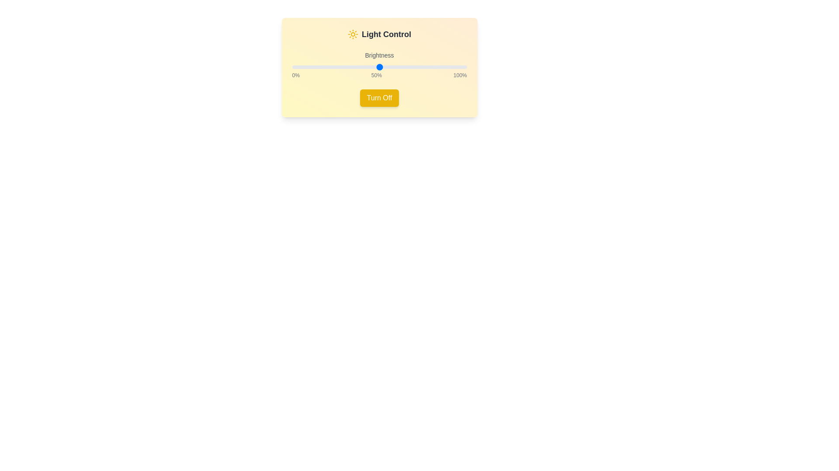  Describe the element at coordinates (376, 75) in the screenshot. I see `current brightness level indicated by the Text Label positioned directly beneath the slider, which shows a value of 50%` at that location.